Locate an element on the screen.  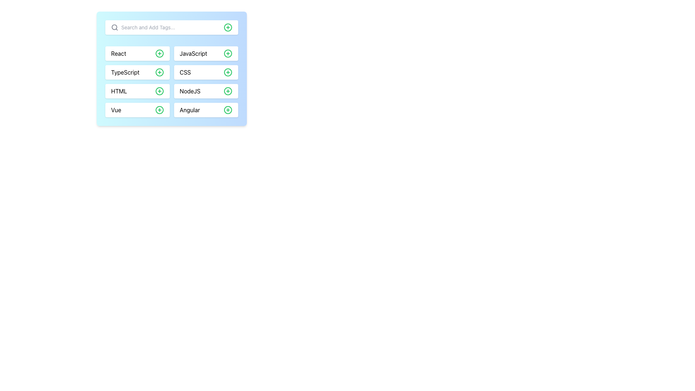
the circular magnifying glass icon within the blue search box located at the top-left corner of the interface is located at coordinates (114, 27).